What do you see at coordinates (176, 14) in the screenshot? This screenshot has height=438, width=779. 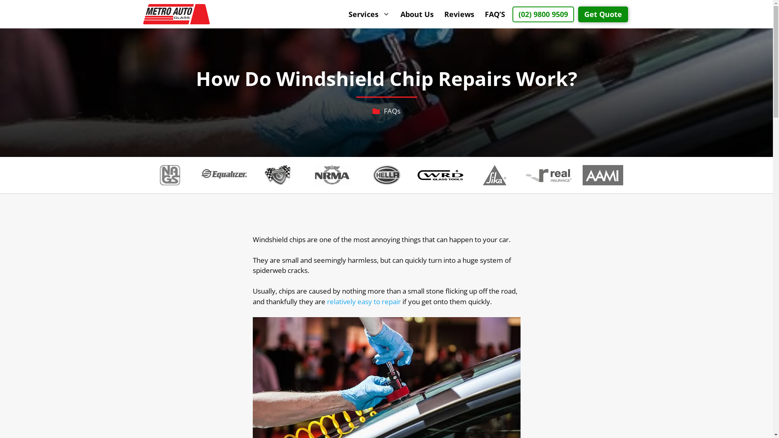 I see `'Metro Auto Glass'` at bounding box center [176, 14].